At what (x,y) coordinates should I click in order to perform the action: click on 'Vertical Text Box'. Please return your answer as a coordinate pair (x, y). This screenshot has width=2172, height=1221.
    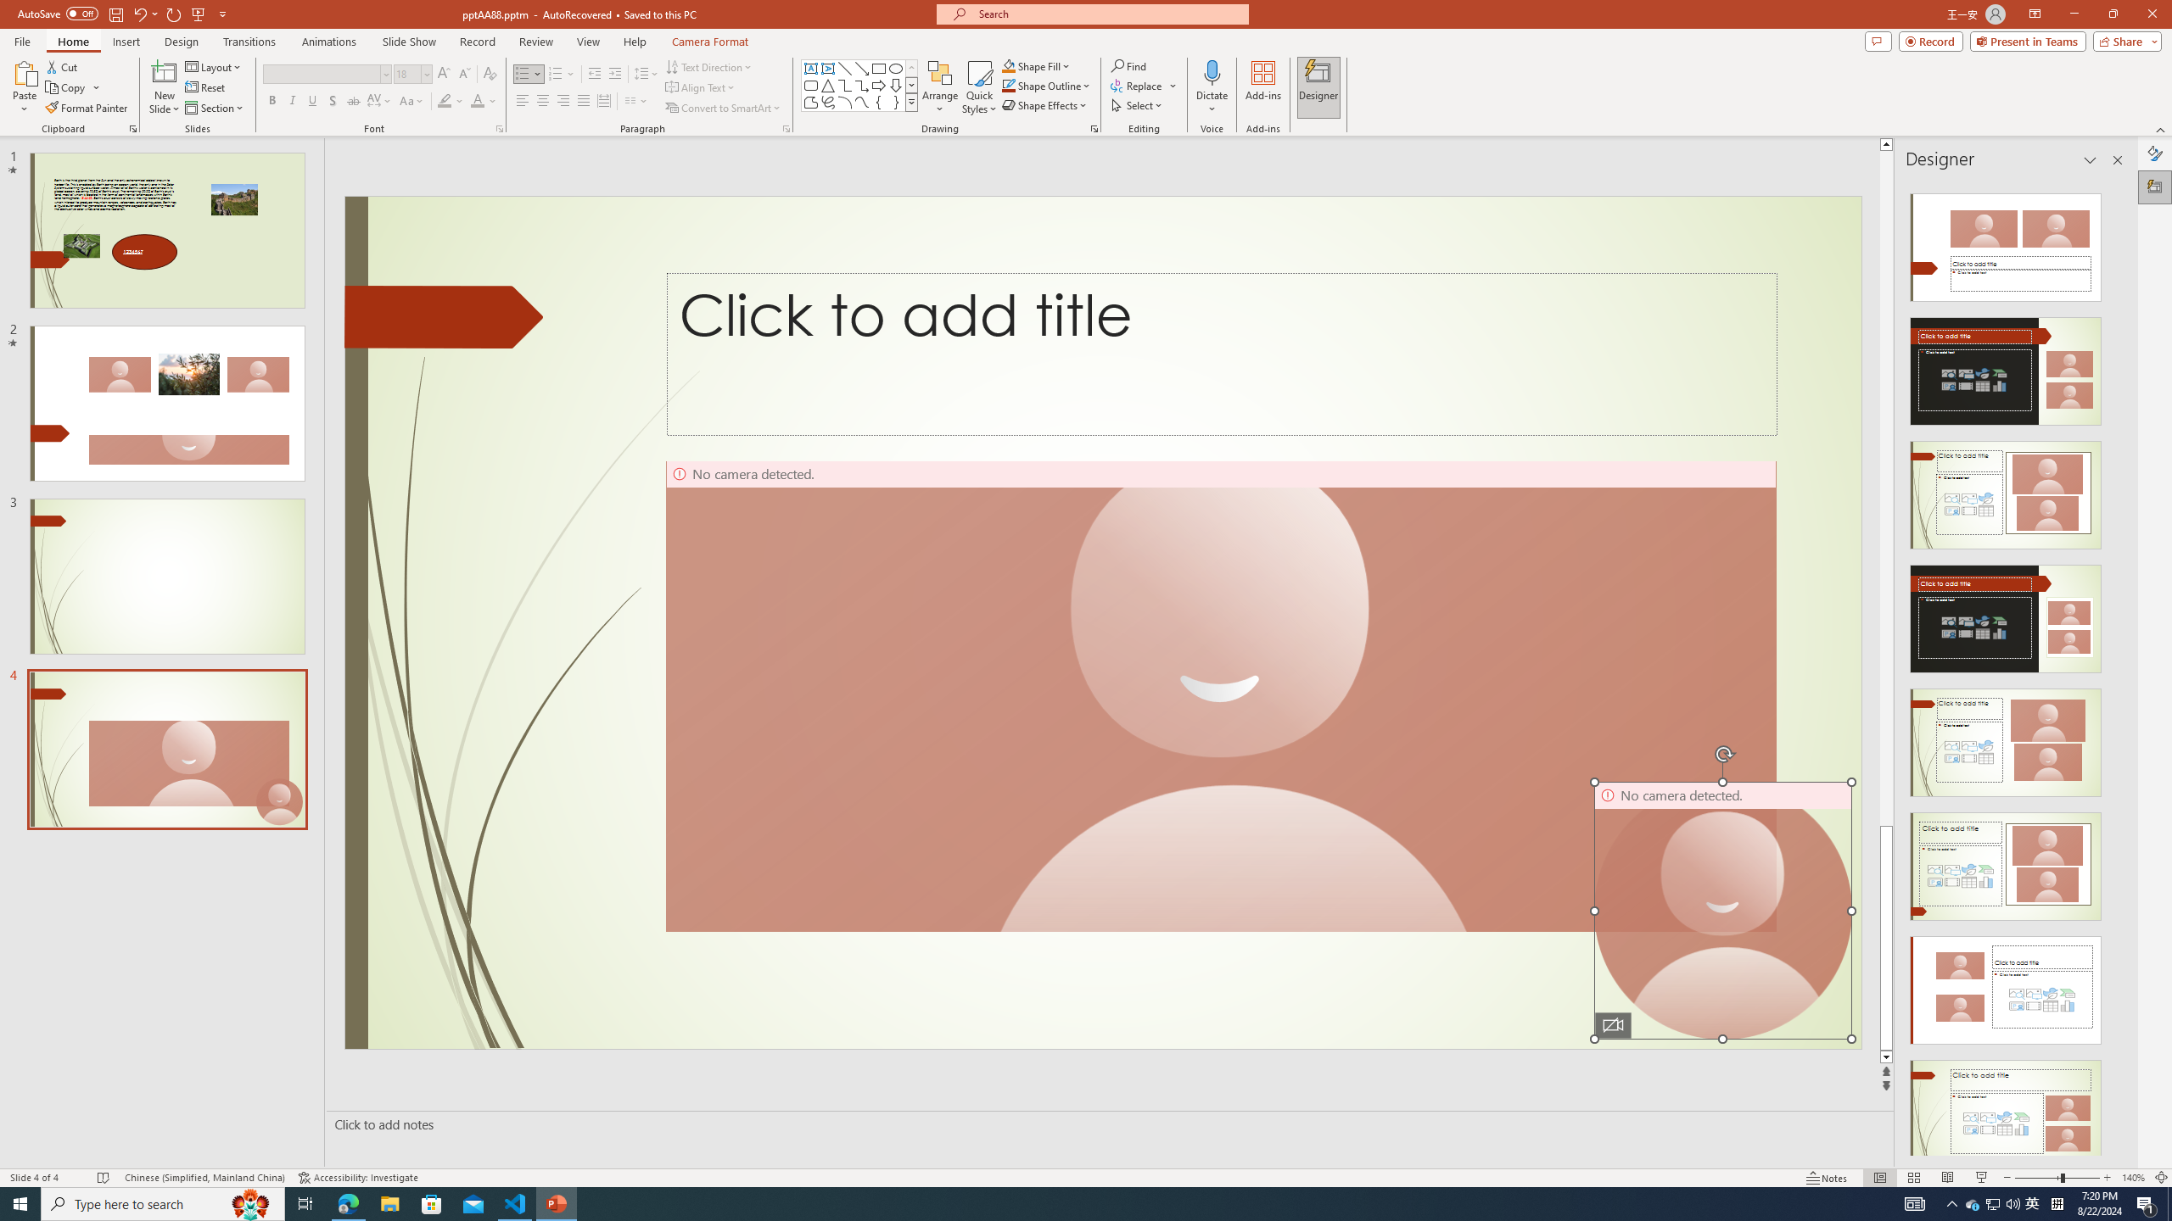
    Looking at the image, I should click on (826, 68).